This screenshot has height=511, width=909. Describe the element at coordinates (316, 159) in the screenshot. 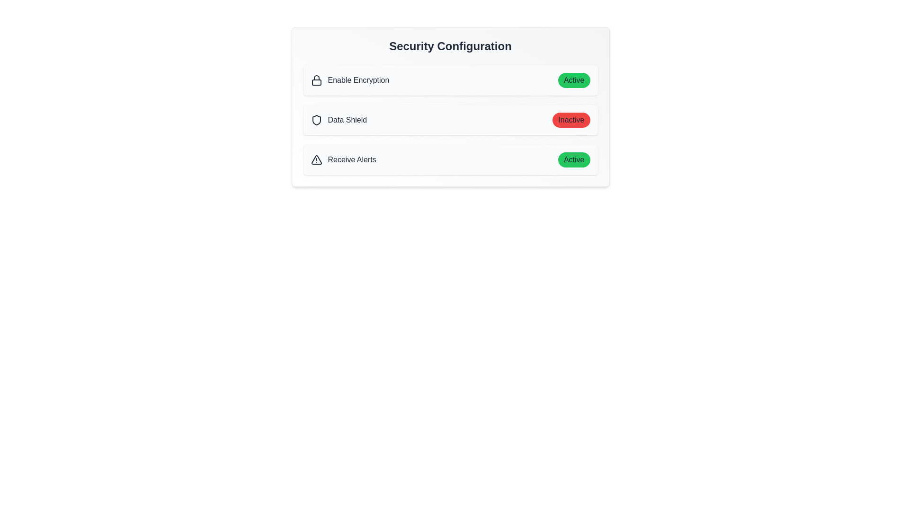

I see `the triangle-shaped warning icon located in the 'Receive Alerts' row, which is the third icon in a horizontal layout next to the 'Receive Alerts' text and an 'Active' button` at that location.